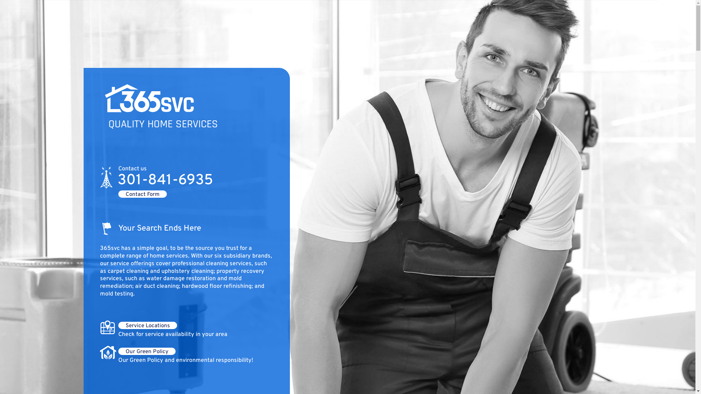 This screenshot has width=701, height=394. What do you see at coordinates (146, 351) in the screenshot?
I see `'Our Green Policy'` at bounding box center [146, 351].